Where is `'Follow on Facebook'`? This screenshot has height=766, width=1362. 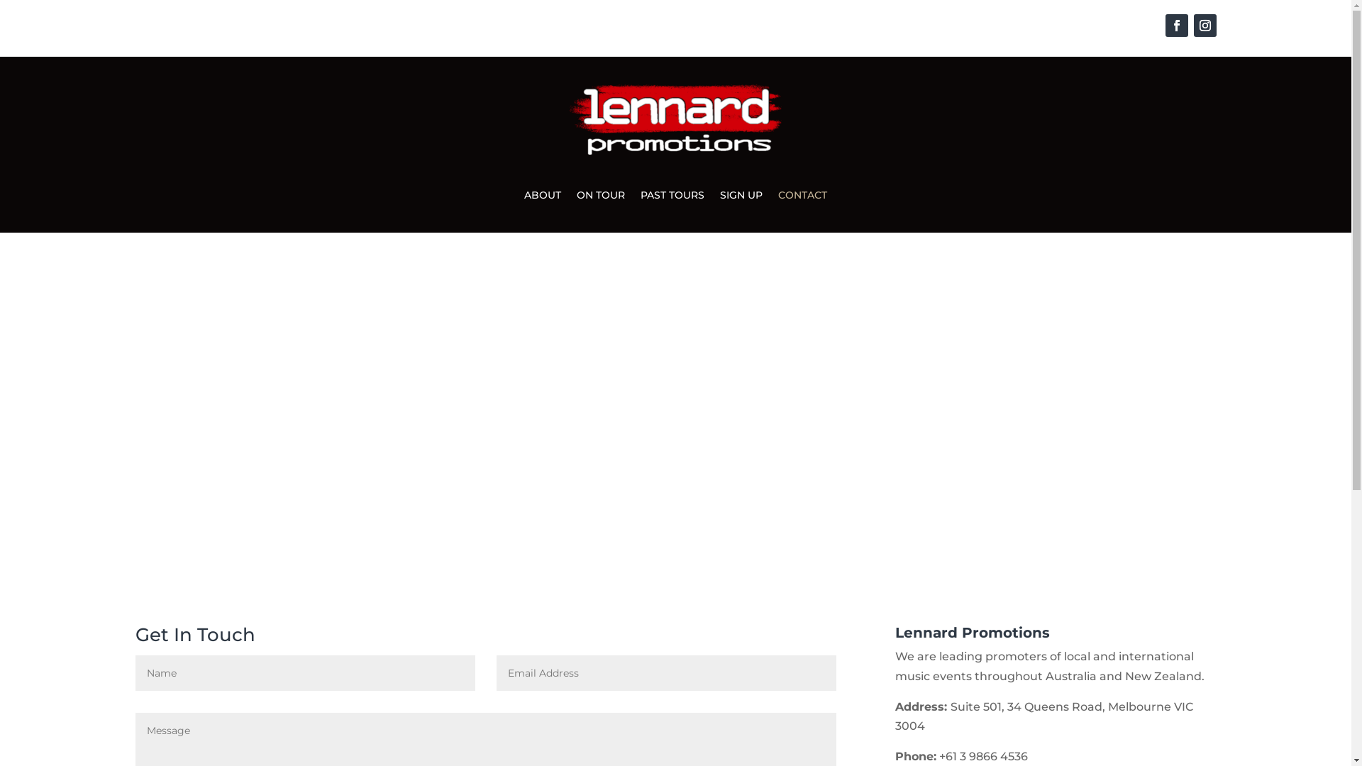 'Follow on Facebook' is located at coordinates (1175, 25).